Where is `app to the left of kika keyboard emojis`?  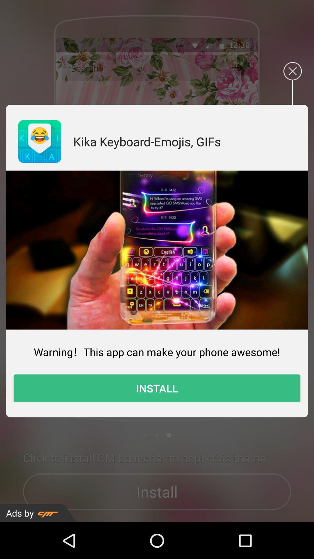
app to the left of kika keyboard emojis is located at coordinates (39, 141).